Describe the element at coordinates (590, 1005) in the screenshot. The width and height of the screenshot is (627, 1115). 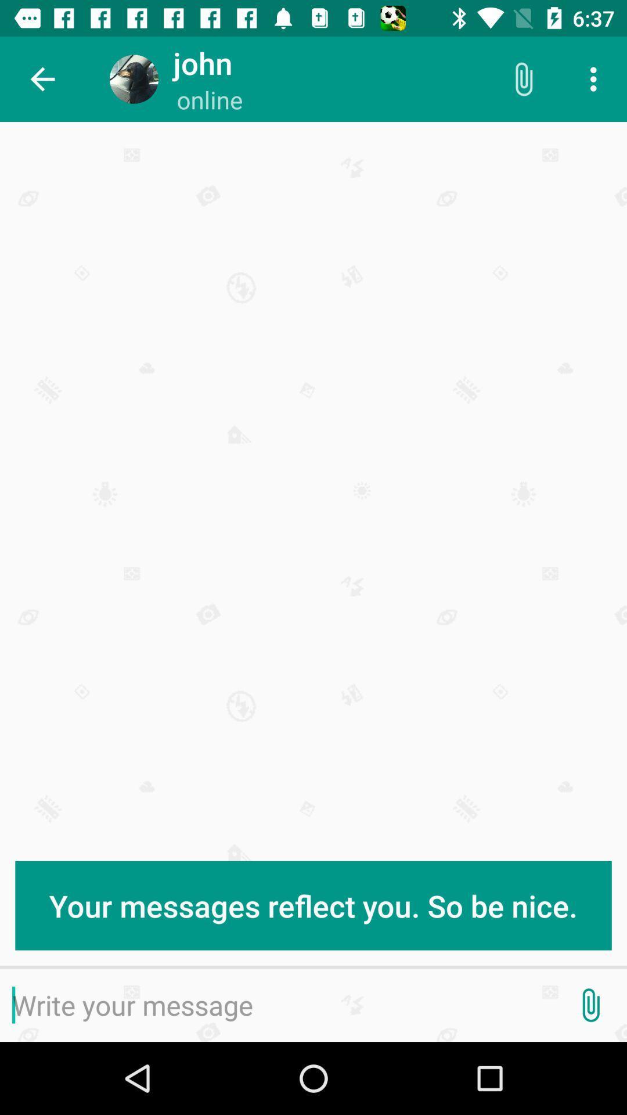
I see `the item at the bottom right corner` at that location.